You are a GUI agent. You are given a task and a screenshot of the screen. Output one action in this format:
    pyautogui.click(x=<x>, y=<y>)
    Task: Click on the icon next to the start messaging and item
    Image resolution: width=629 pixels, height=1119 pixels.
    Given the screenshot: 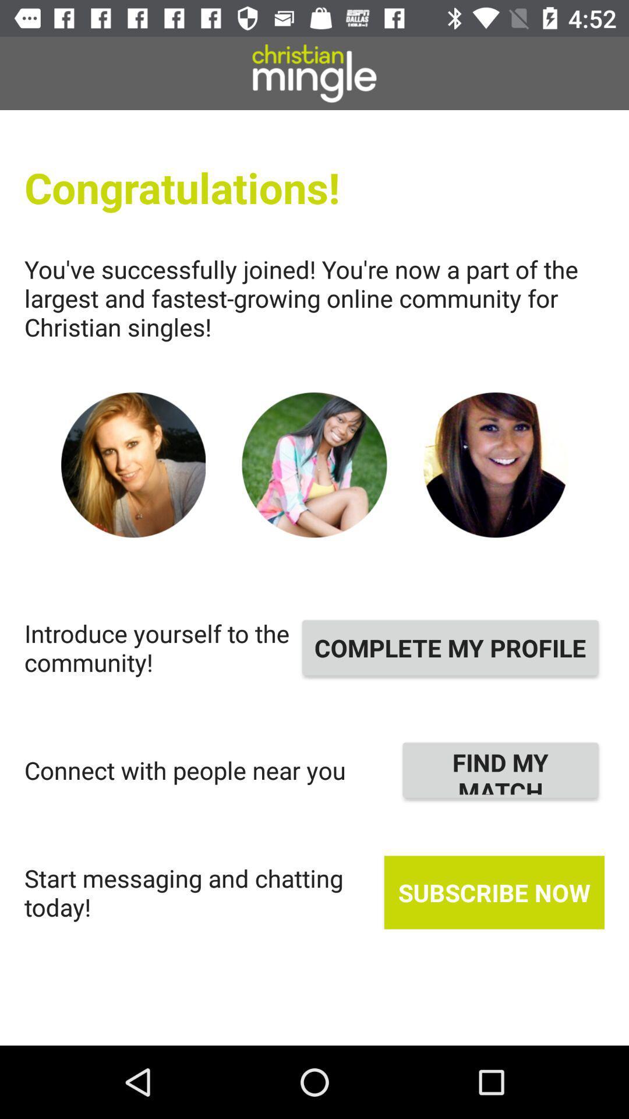 What is the action you would take?
    pyautogui.click(x=494, y=892)
    